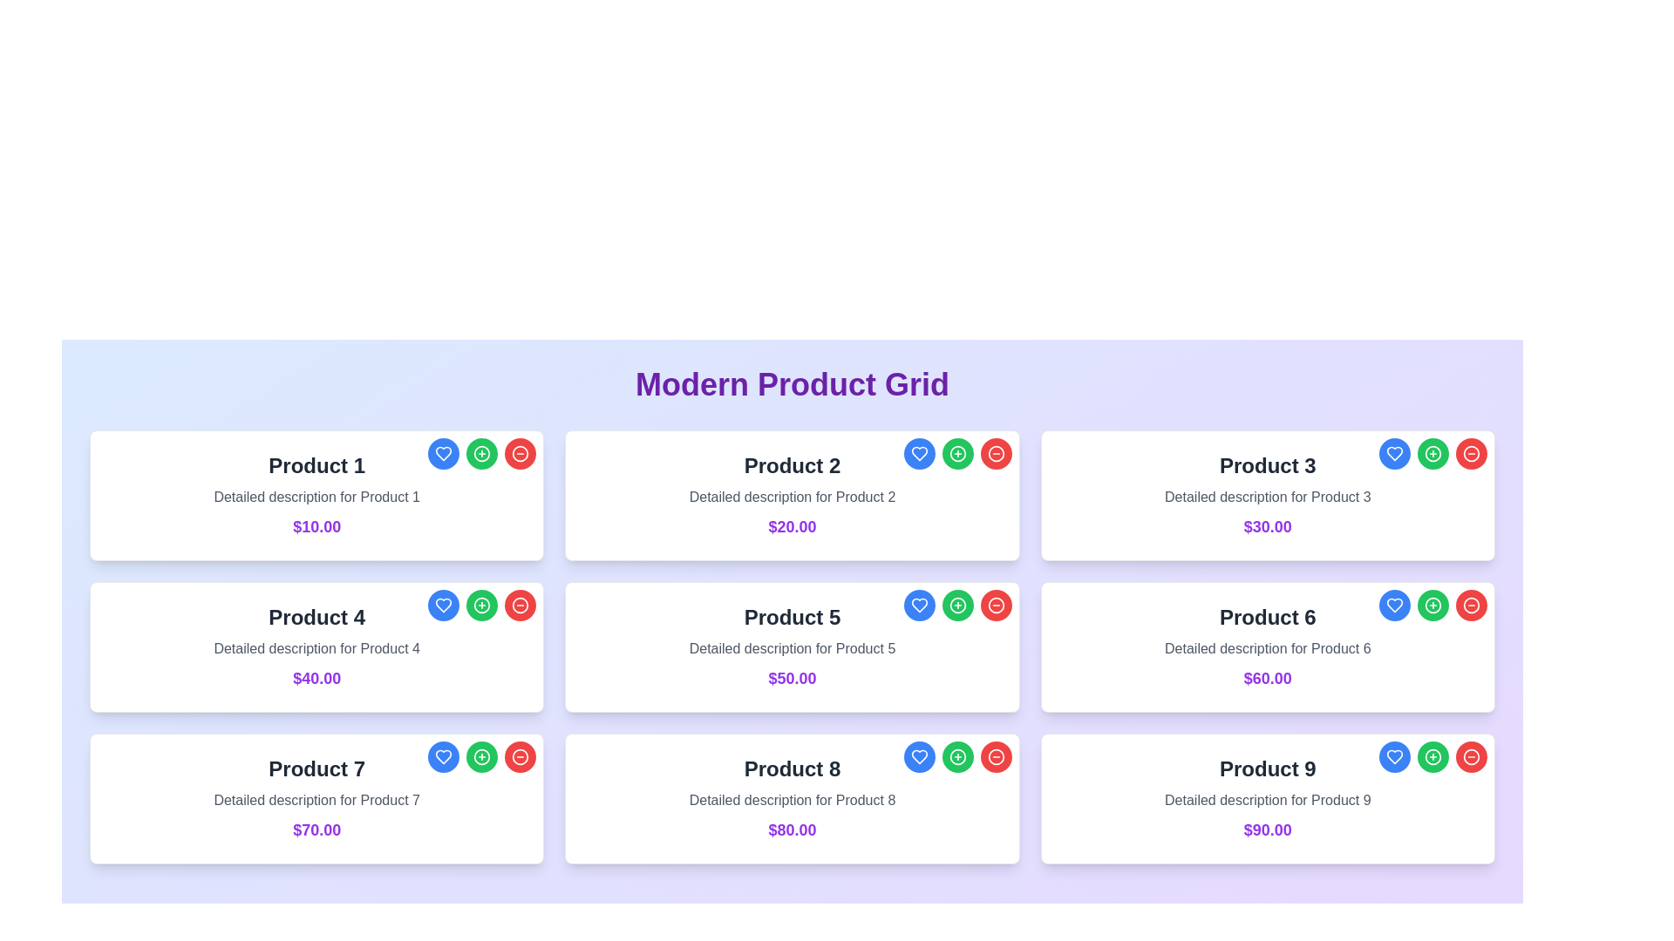 The width and height of the screenshot is (1674, 941). Describe the element at coordinates (1393, 452) in the screenshot. I see `the icon button located at the leftmost position of the three buttons in the top-right corner of 'Product 3'` at that location.